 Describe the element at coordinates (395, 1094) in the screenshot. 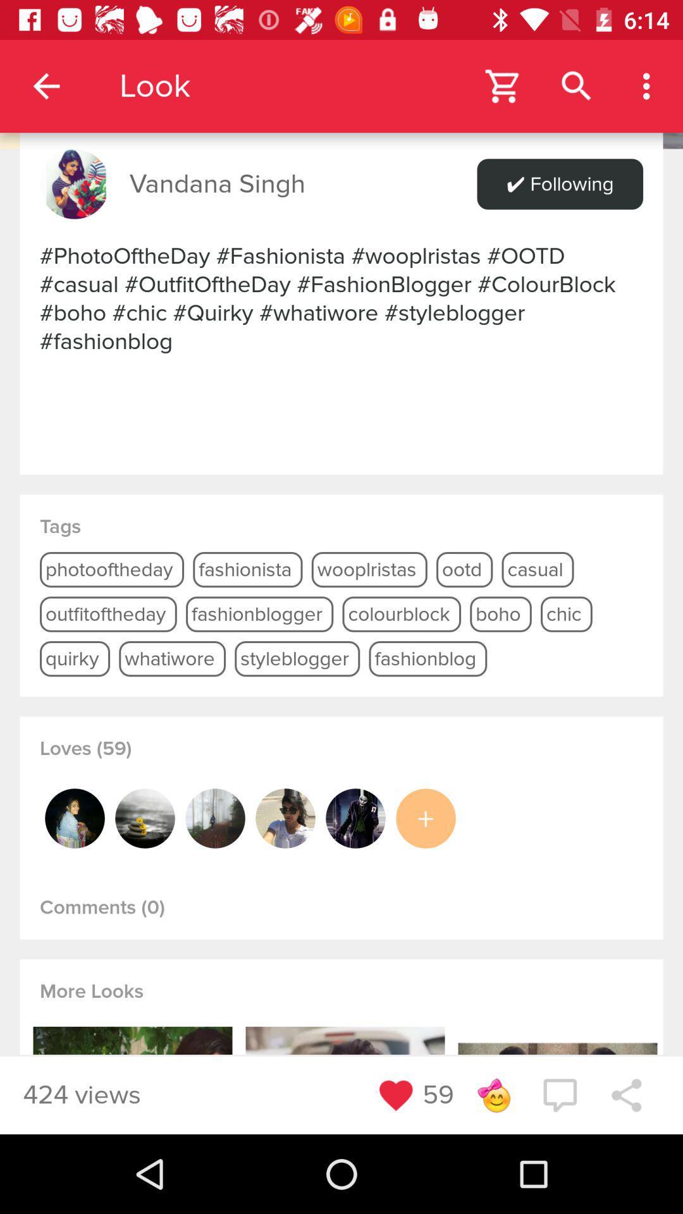

I see `the favorite icon` at that location.